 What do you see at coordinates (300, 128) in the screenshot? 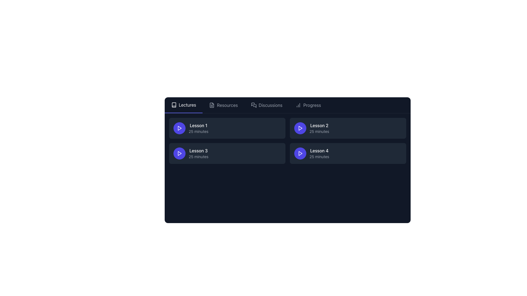
I see `the play button icon, which is a triangular play symbol within a circular blue background, located in the top-right of the second lesson card to initiate playback of the content` at bounding box center [300, 128].